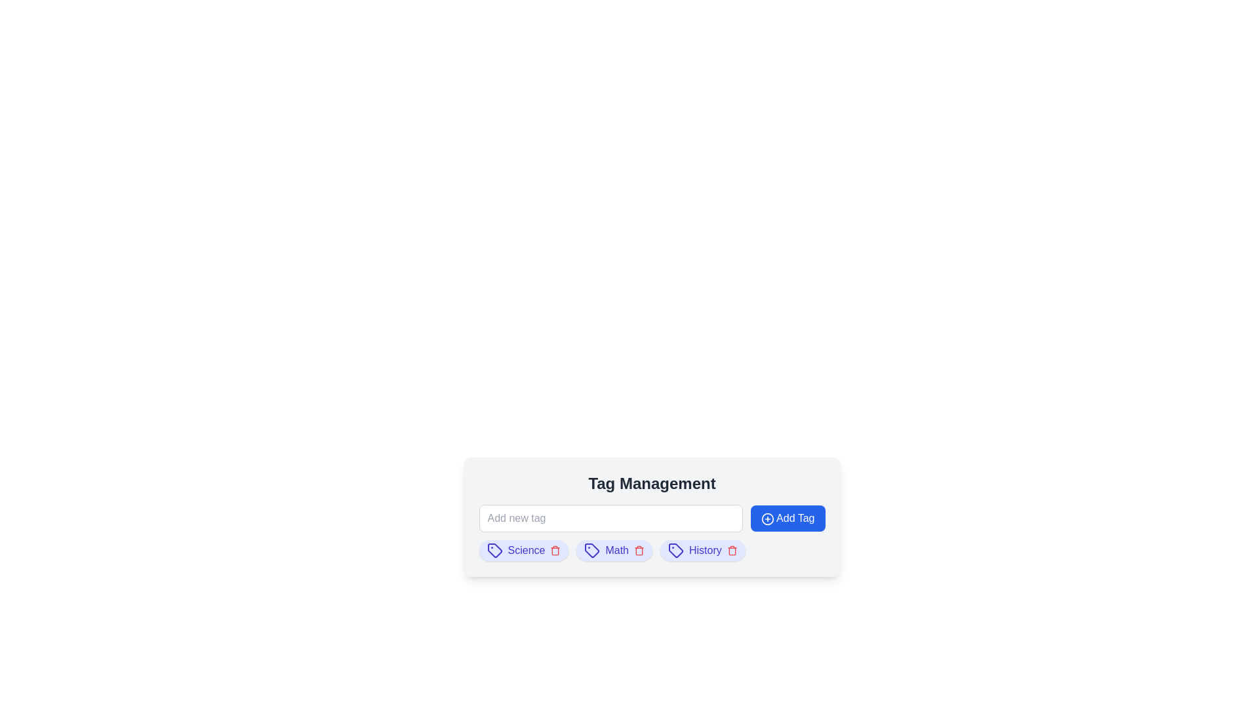 This screenshot has width=1259, height=708. Describe the element at coordinates (731, 551) in the screenshot. I see `the red trash icon button located on the right side of the 'History' tag` at that location.